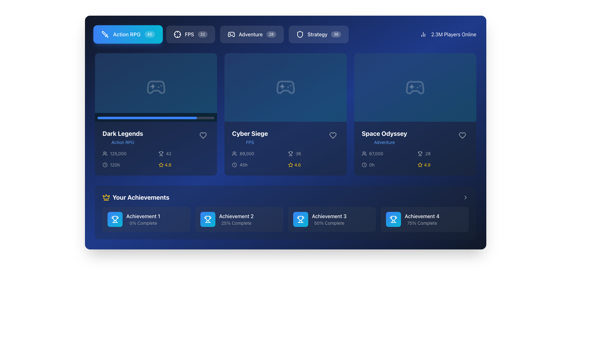 This screenshot has width=602, height=338. Describe the element at coordinates (123, 117) in the screenshot. I see `the progress bar` at that location.